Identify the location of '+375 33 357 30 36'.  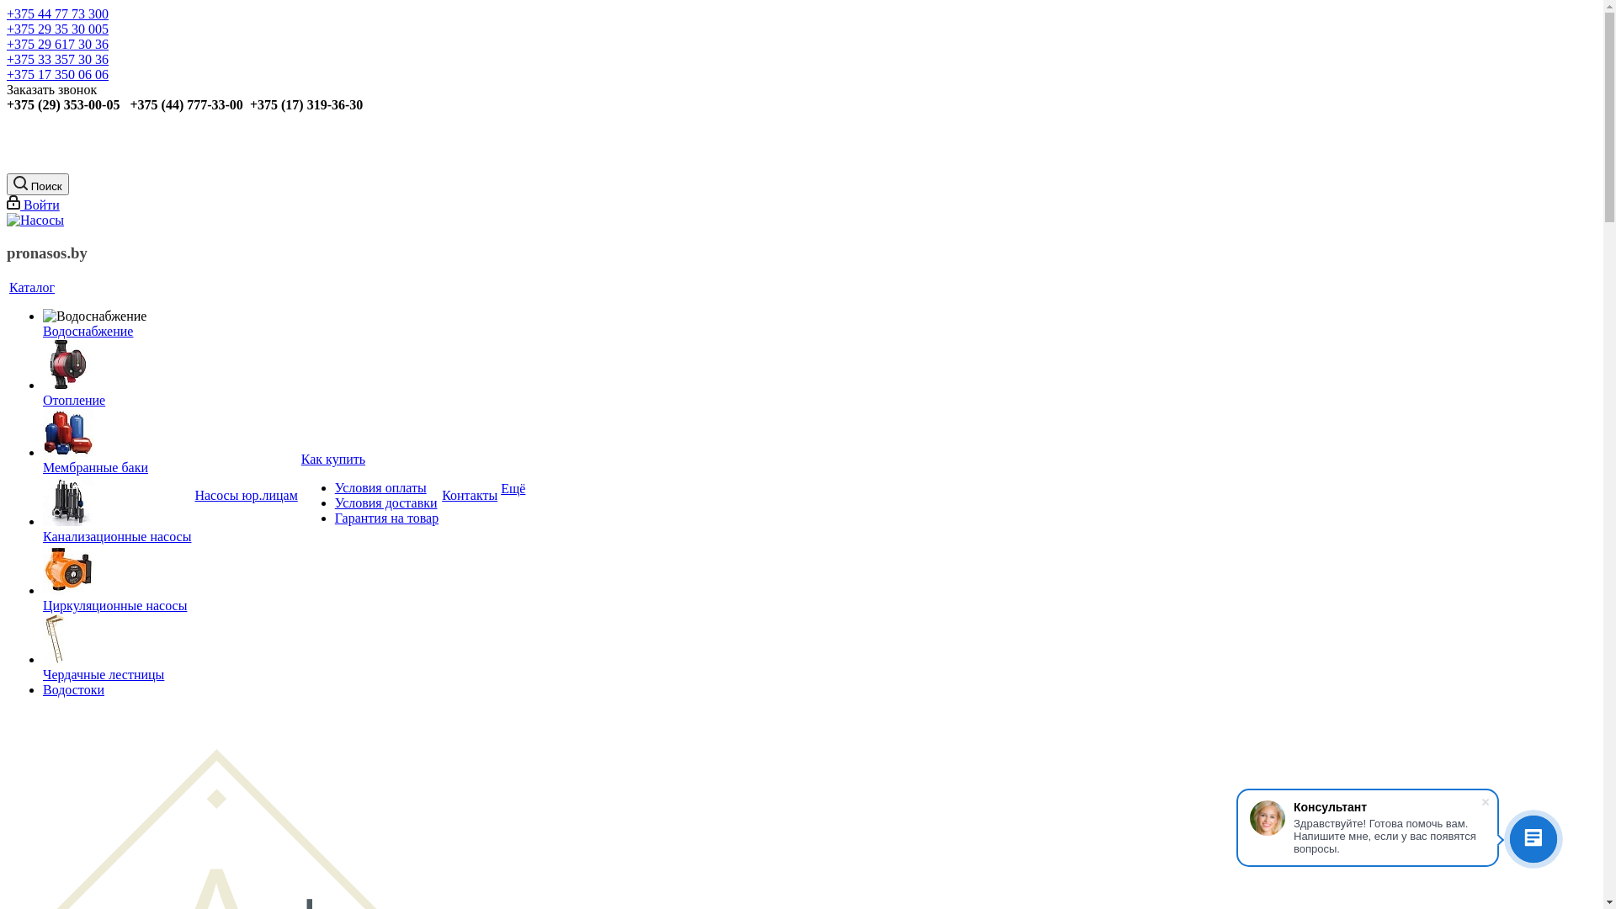
(57, 58).